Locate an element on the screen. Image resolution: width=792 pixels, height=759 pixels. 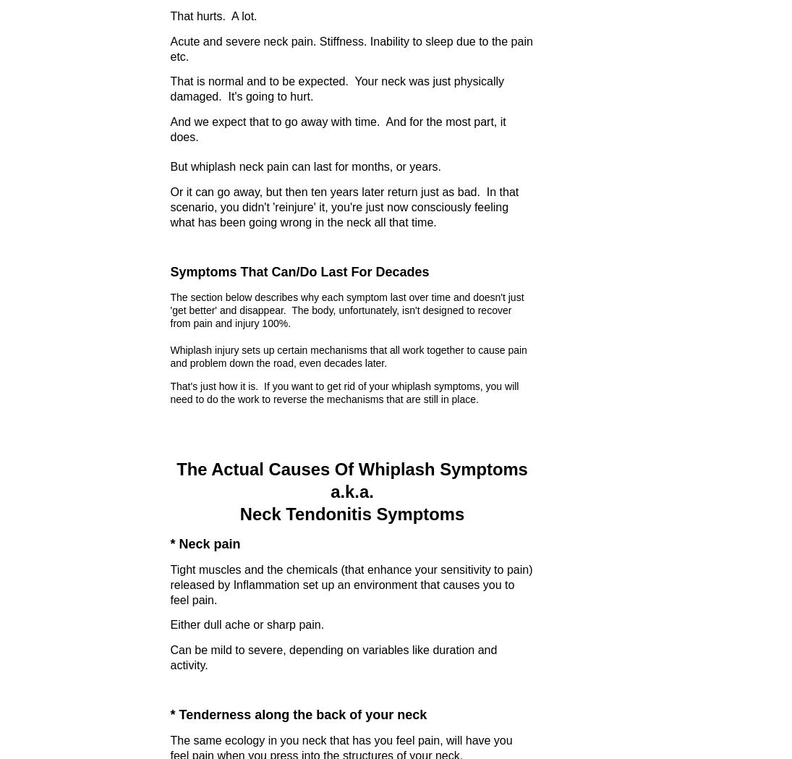
'Symptoms That Can/Do Last For Decades' is located at coordinates (299, 271).